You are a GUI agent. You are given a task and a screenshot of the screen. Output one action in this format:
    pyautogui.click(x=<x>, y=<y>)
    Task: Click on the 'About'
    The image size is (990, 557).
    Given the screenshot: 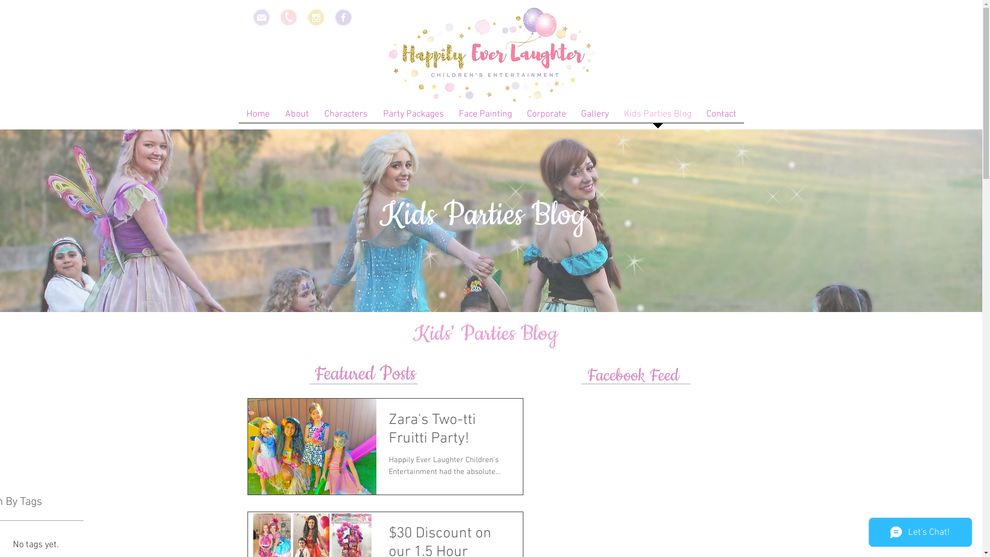 What is the action you would take?
    pyautogui.click(x=277, y=117)
    